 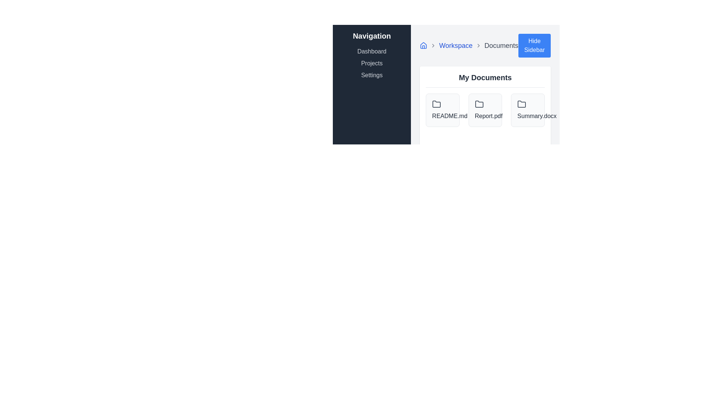 I want to click on the text display element that serves as the title or heading for the document-related content, located directly above the grid layout, so click(x=485, y=80).